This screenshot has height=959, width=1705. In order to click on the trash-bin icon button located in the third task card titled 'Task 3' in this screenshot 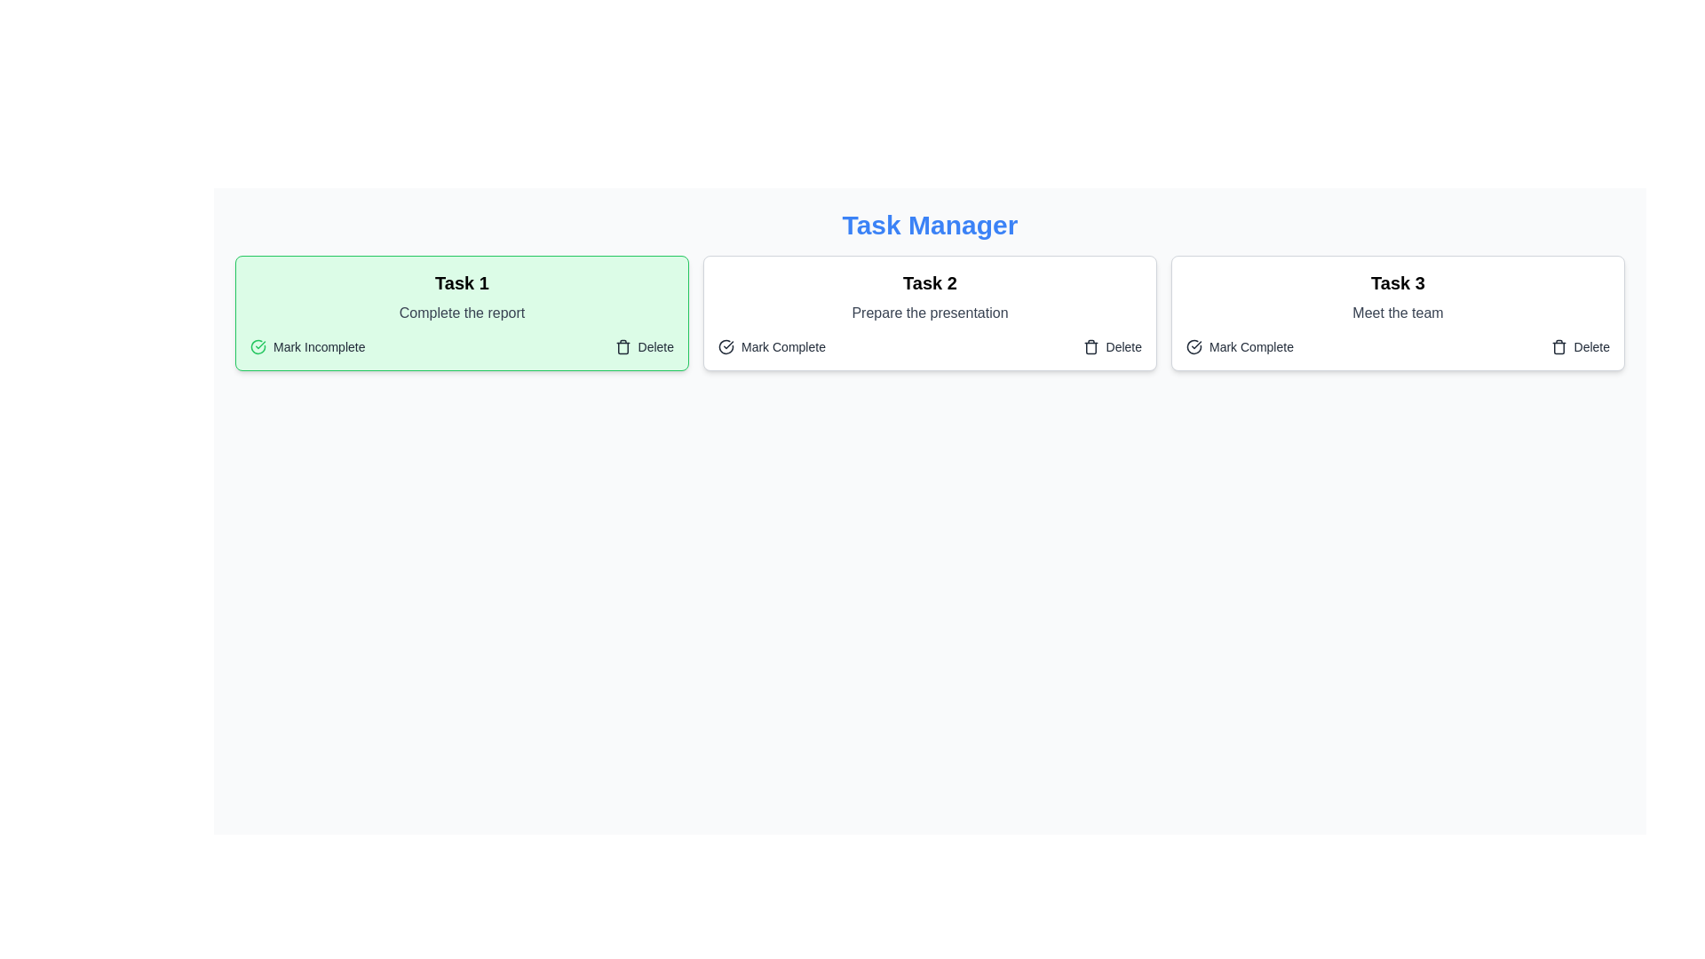, I will do `click(1558, 348)`.